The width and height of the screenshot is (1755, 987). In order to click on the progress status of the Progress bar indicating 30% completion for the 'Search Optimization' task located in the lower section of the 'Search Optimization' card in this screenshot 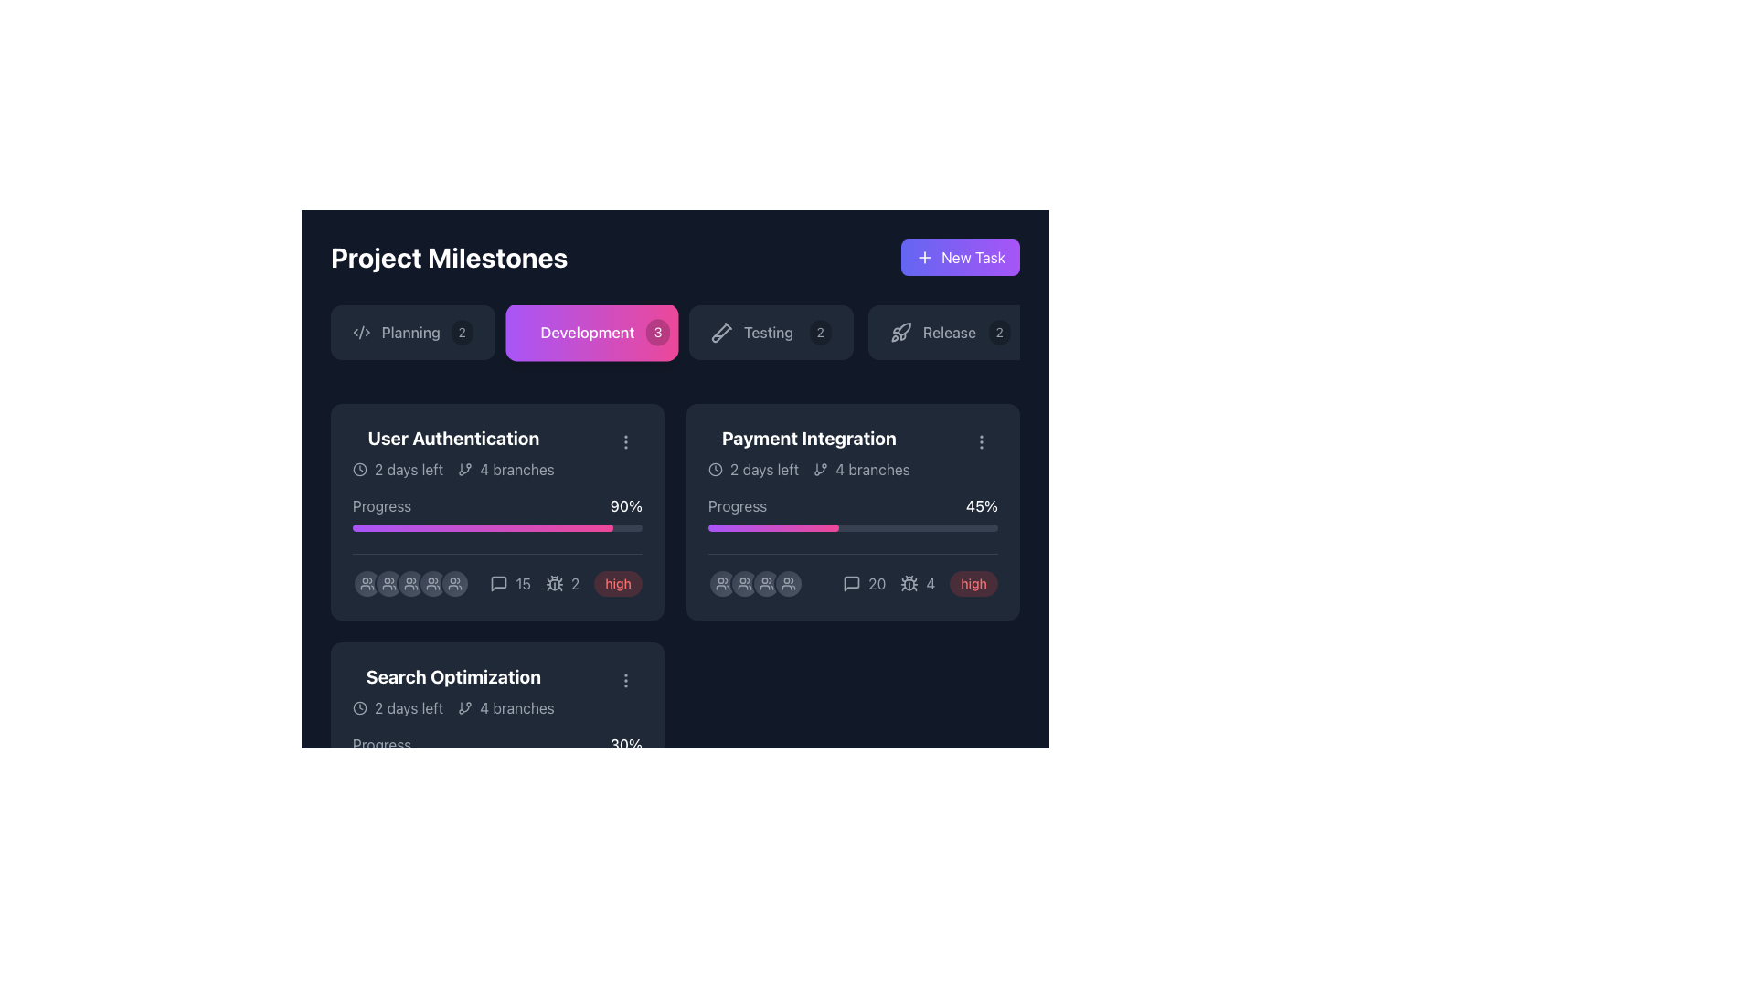, I will do `click(497, 751)`.